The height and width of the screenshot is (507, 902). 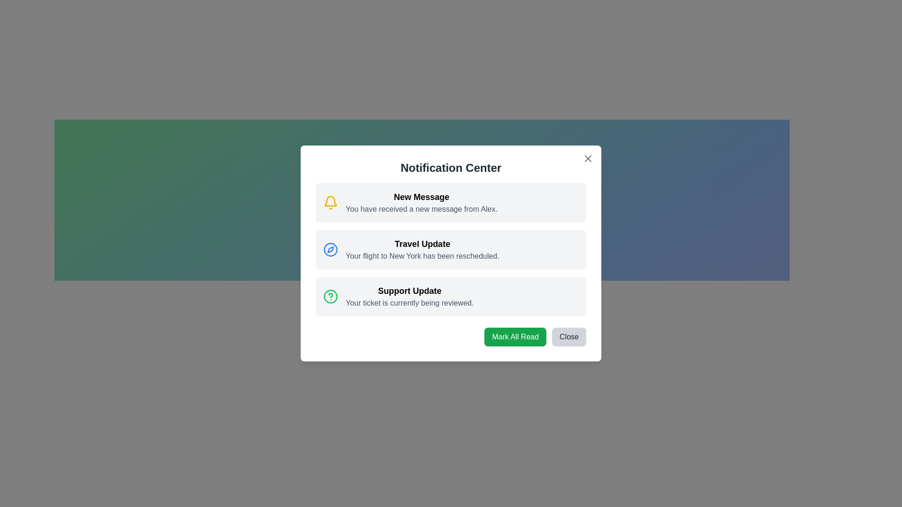 What do you see at coordinates (451, 249) in the screenshot?
I see `the second notification message in the notification list, which provides updates about a flight rescheduling` at bounding box center [451, 249].